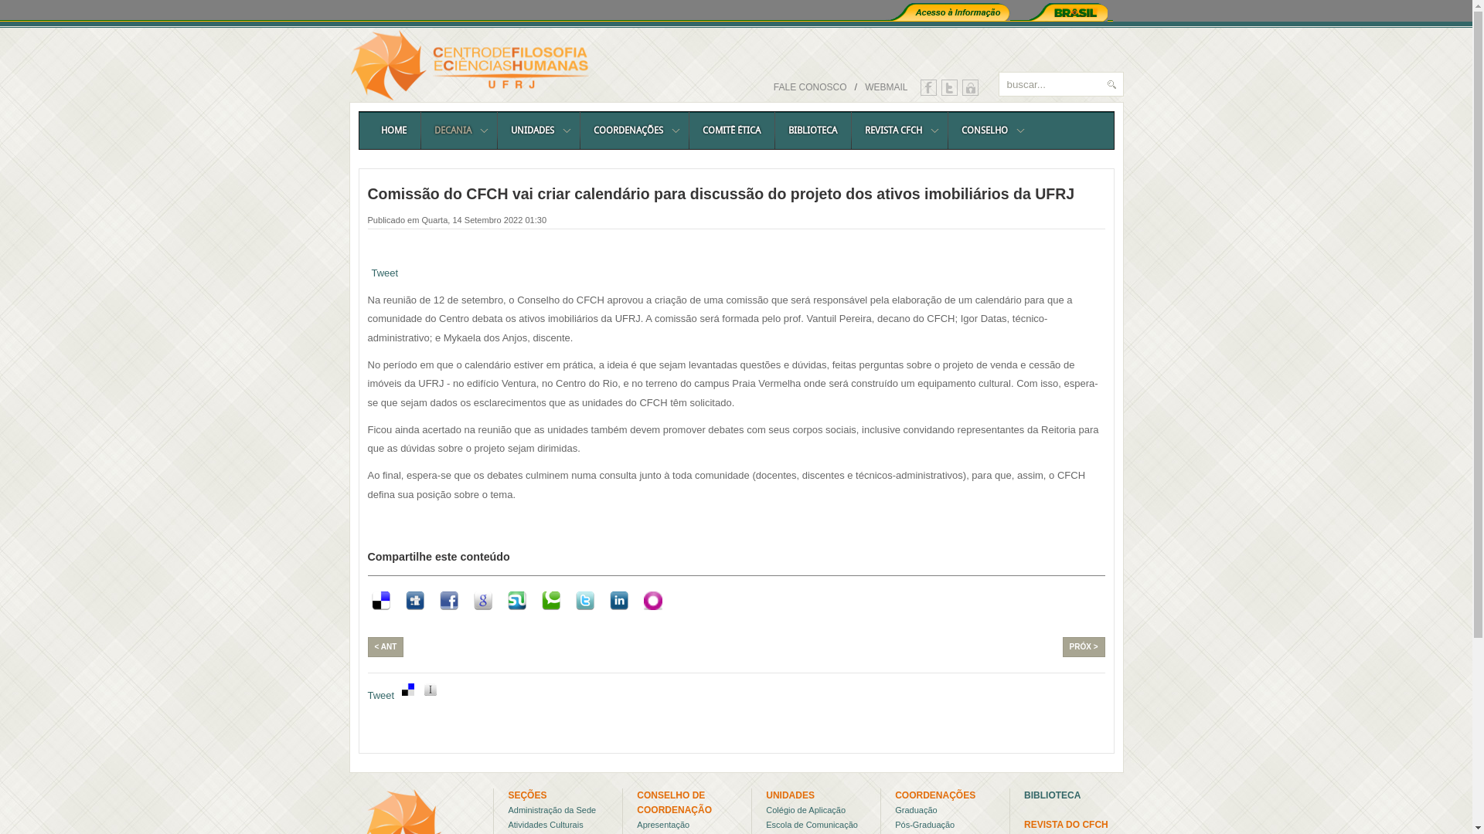 The image size is (1484, 834). What do you see at coordinates (381, 696) in the screenshot?
I see `'Tweet'` at bounding box center [381, 696].